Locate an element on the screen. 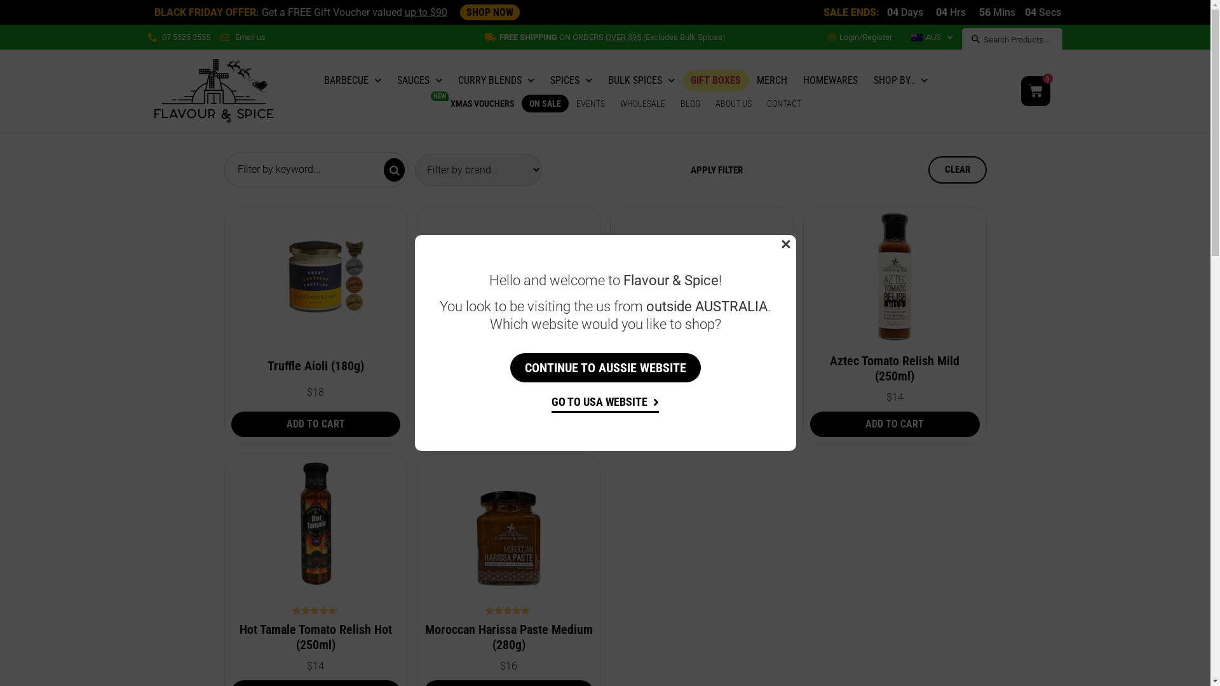  'WHOLESALE' is located at coordinates (642, 102).